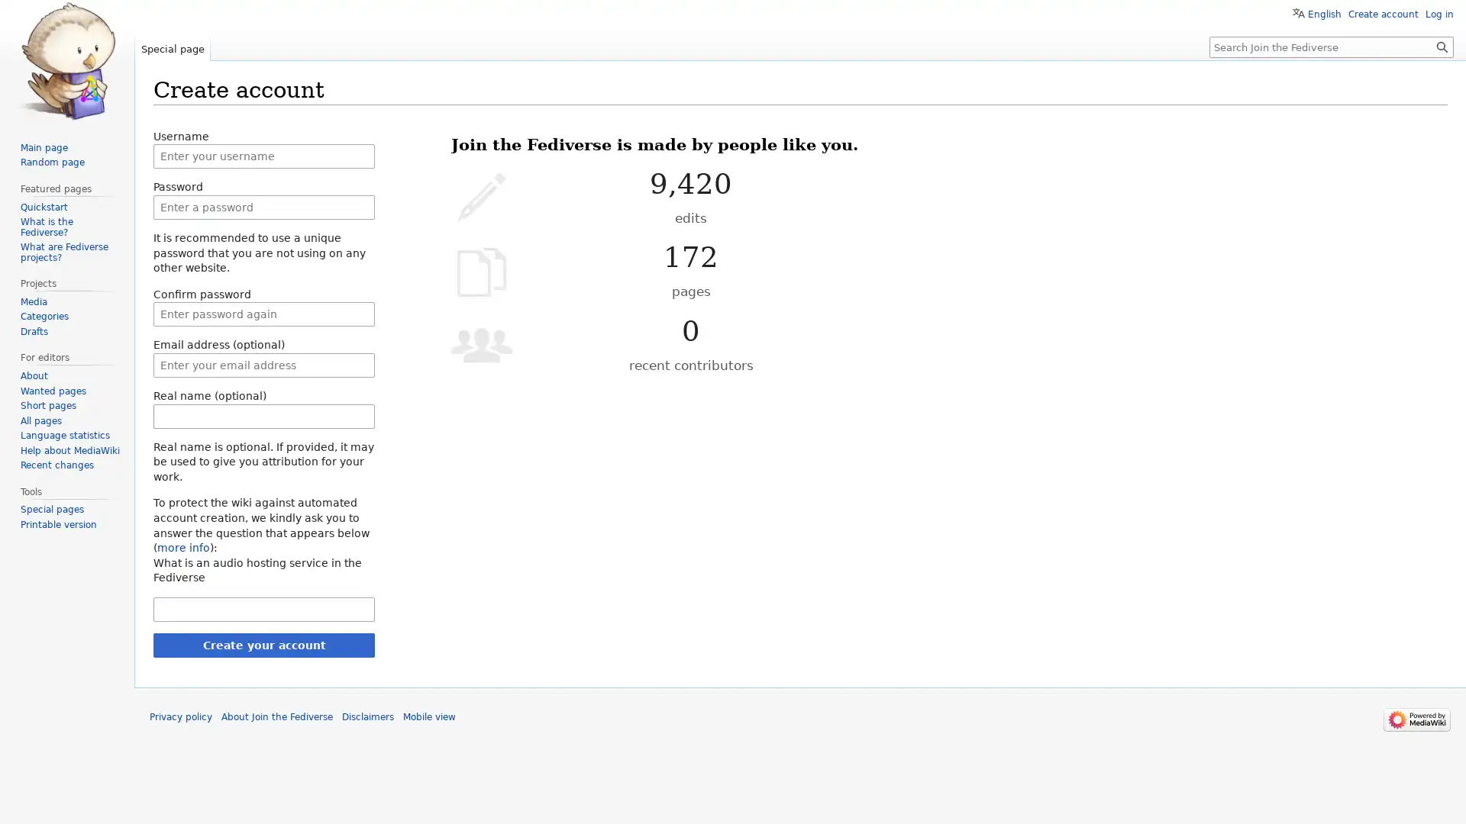 This screenshot has width=1466, height=824. Describe the element at coordinates (1442, 46) in the screenshot. I see `Go` at that location.